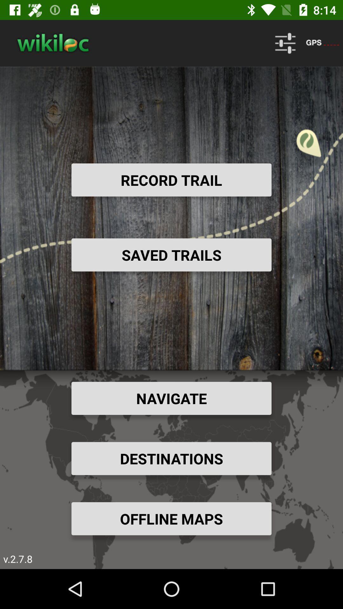 The height and width of the screenshot is (609, 343). What do you see at coordinates (171, 180) in the screenshot?
I see `the icon above the saved trails icon` at bounding box center [171, 180].